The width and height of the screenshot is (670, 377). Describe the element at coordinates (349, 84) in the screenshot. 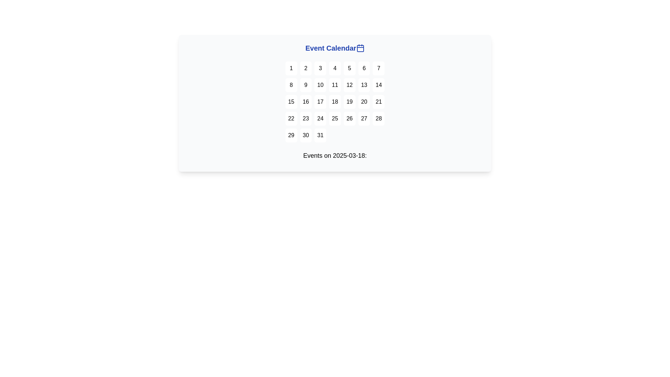

I see `the button representing day 12 in the monthly calendar view` at that location.